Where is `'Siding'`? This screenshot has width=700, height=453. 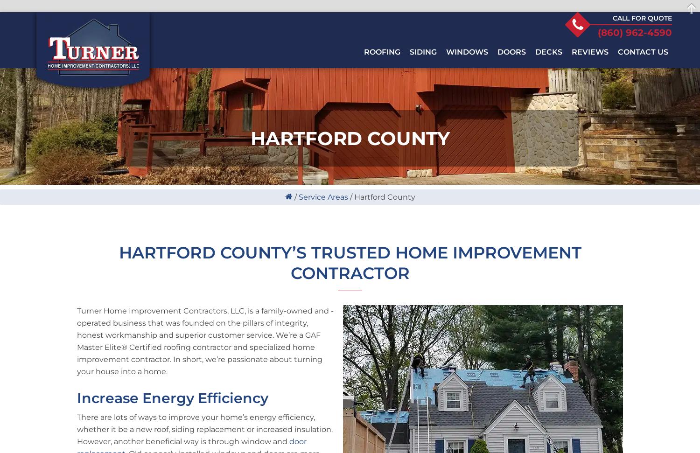 'Siding' is located at coordinates (423, 51).